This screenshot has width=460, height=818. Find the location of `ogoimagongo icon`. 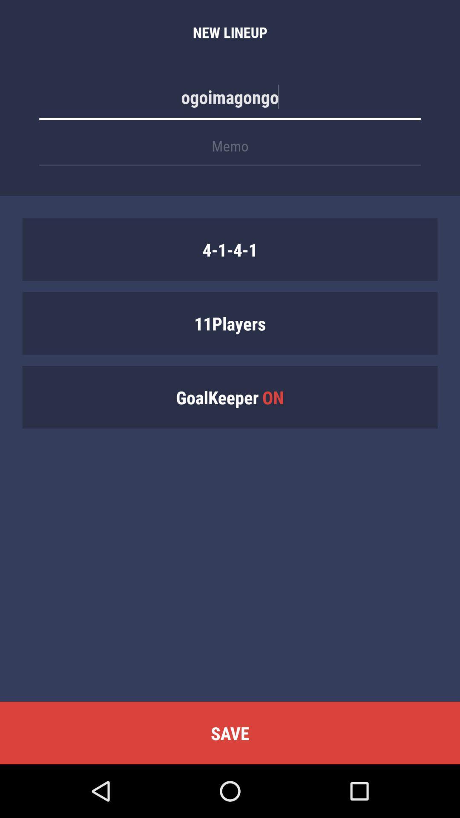

ogoimagongo icon is located at coordinates (230, 101).